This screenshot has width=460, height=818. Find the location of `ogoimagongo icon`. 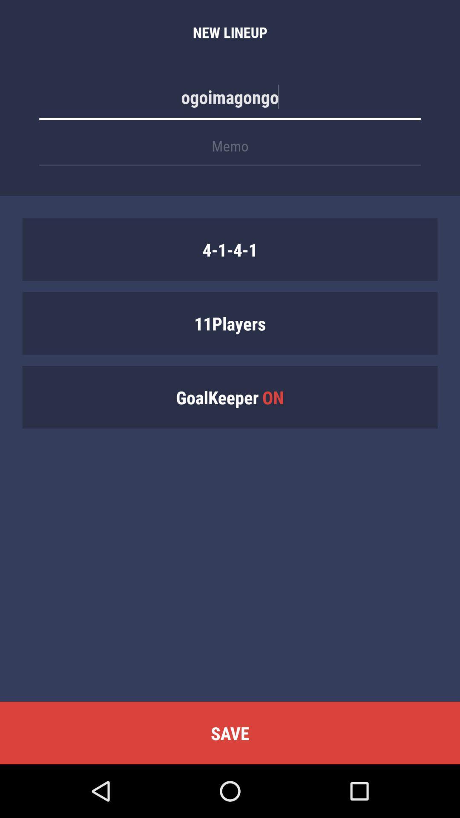

ogoimagongo icon is located at coordinates (230, 101).